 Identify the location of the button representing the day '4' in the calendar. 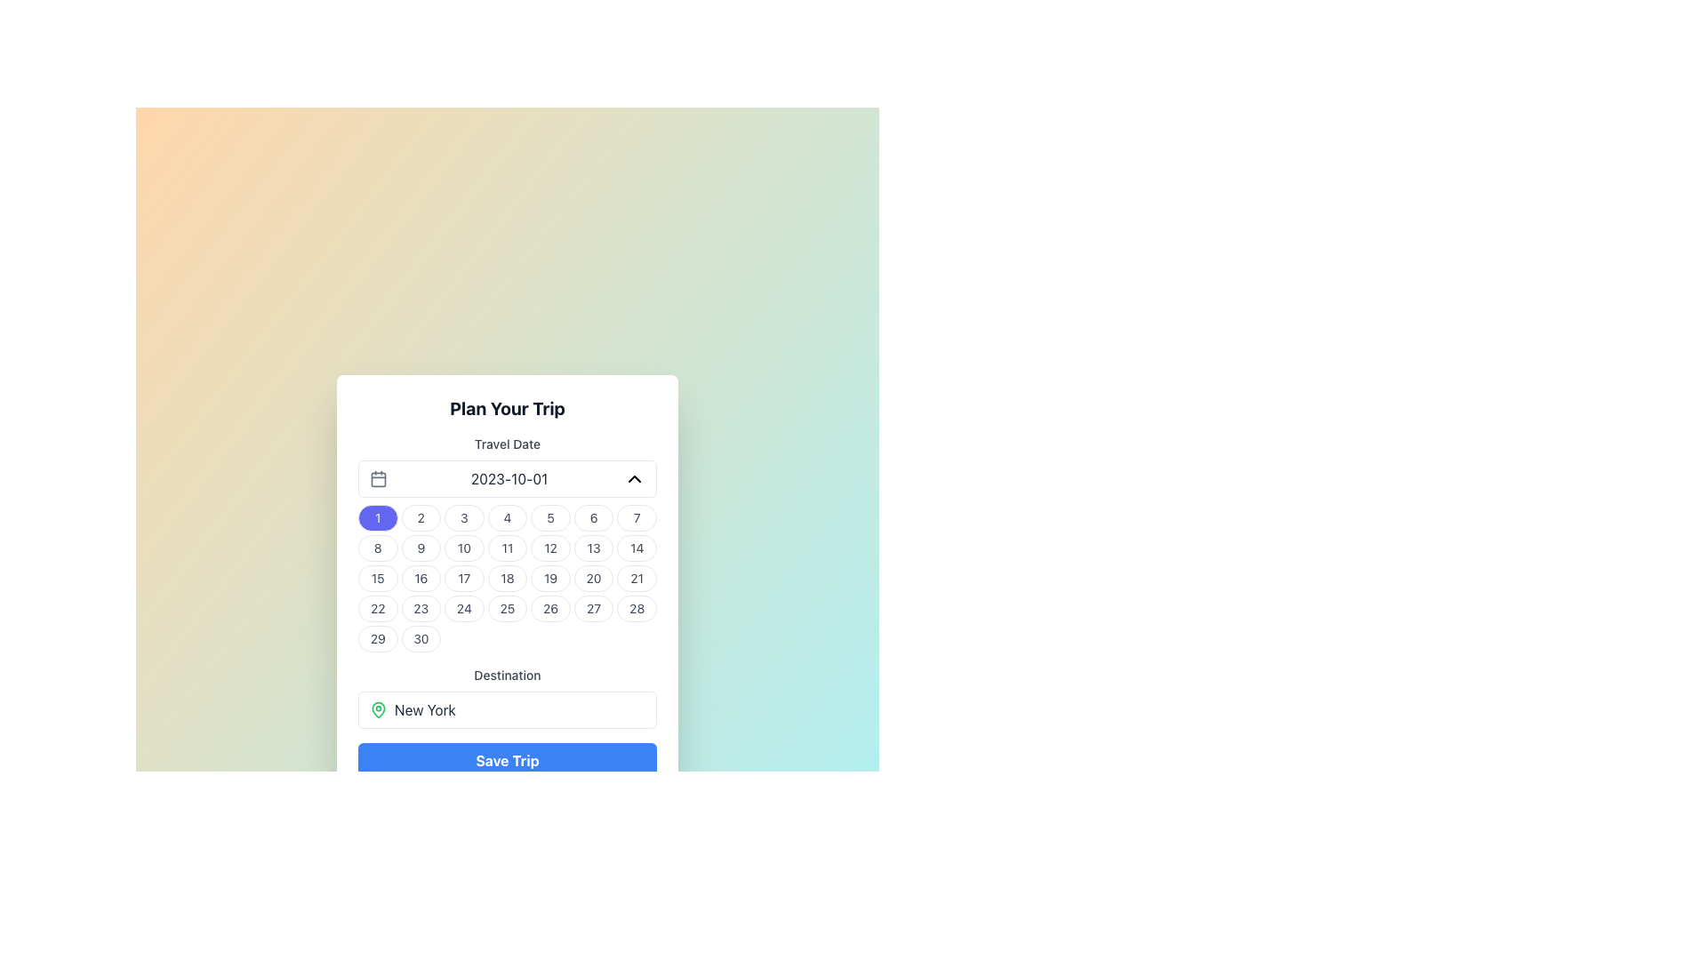
(507, 517).